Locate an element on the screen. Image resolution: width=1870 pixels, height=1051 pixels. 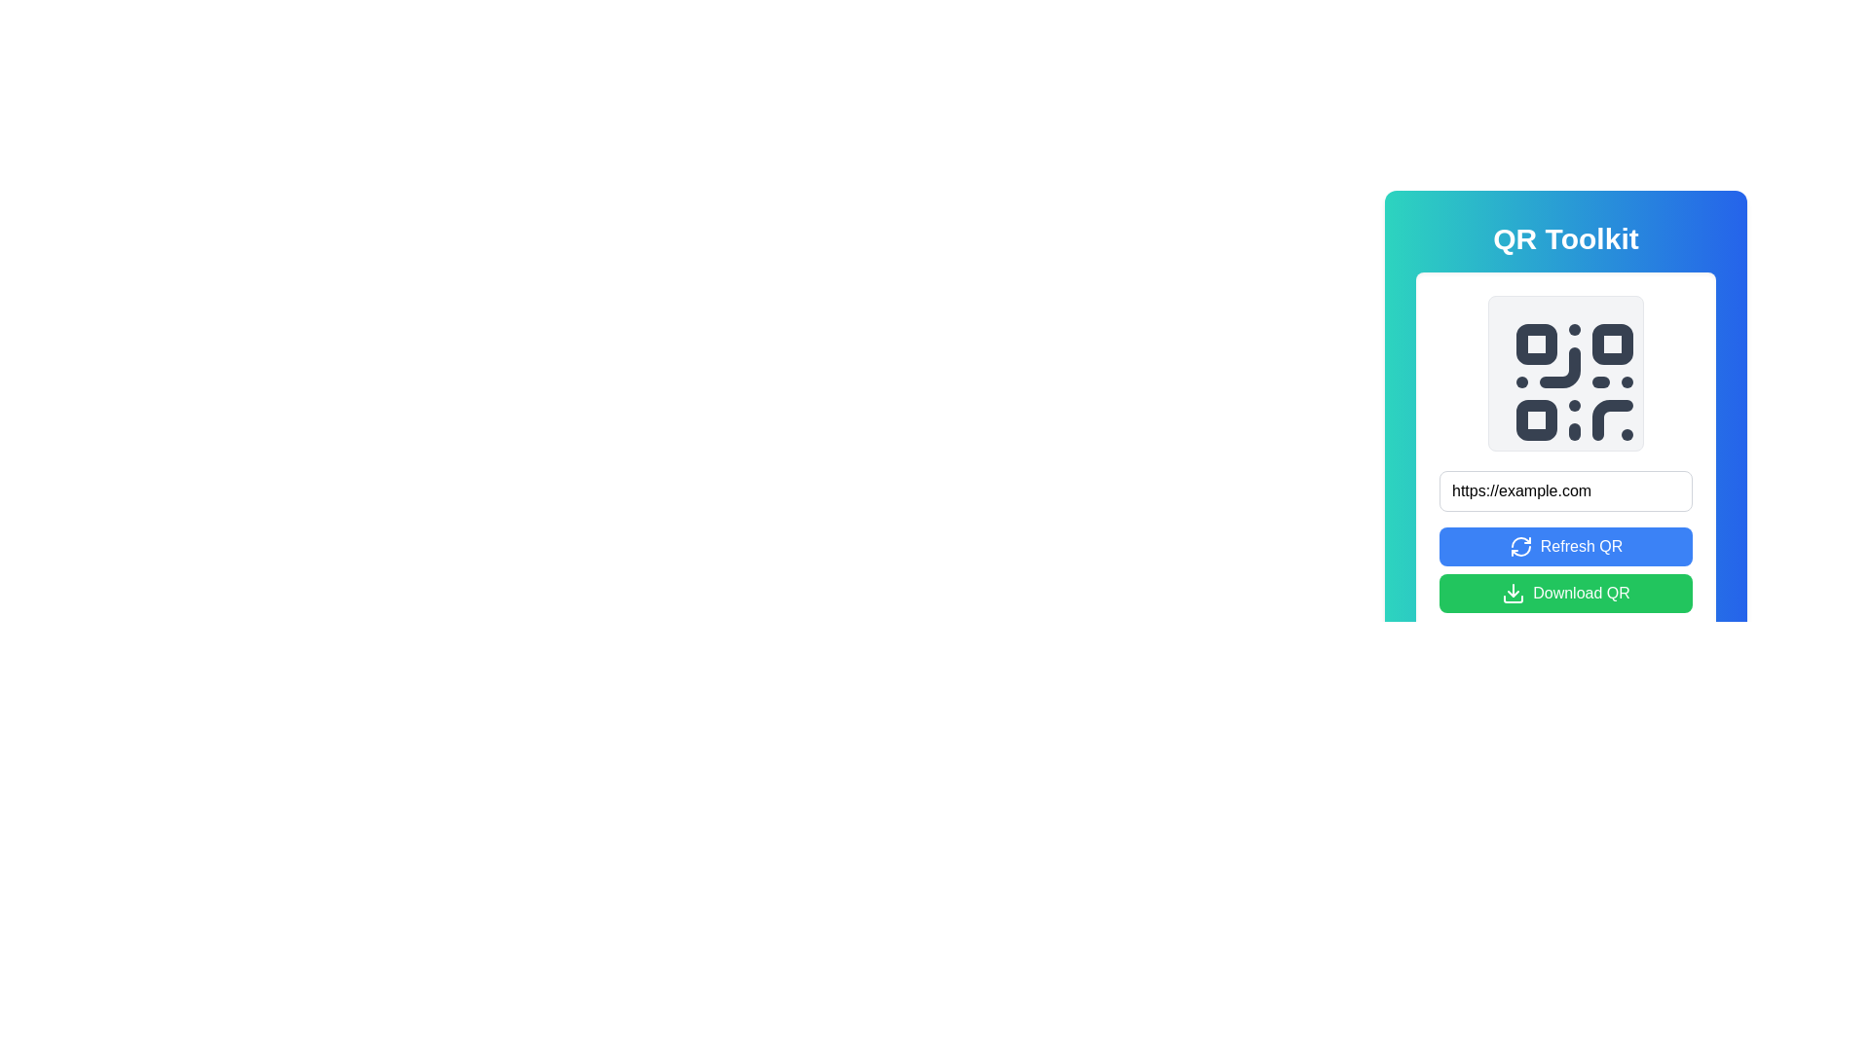
the text input box located within the 'QR Toolkit' card to focus on it for entering a URL is located at coordinates (1566, 490).